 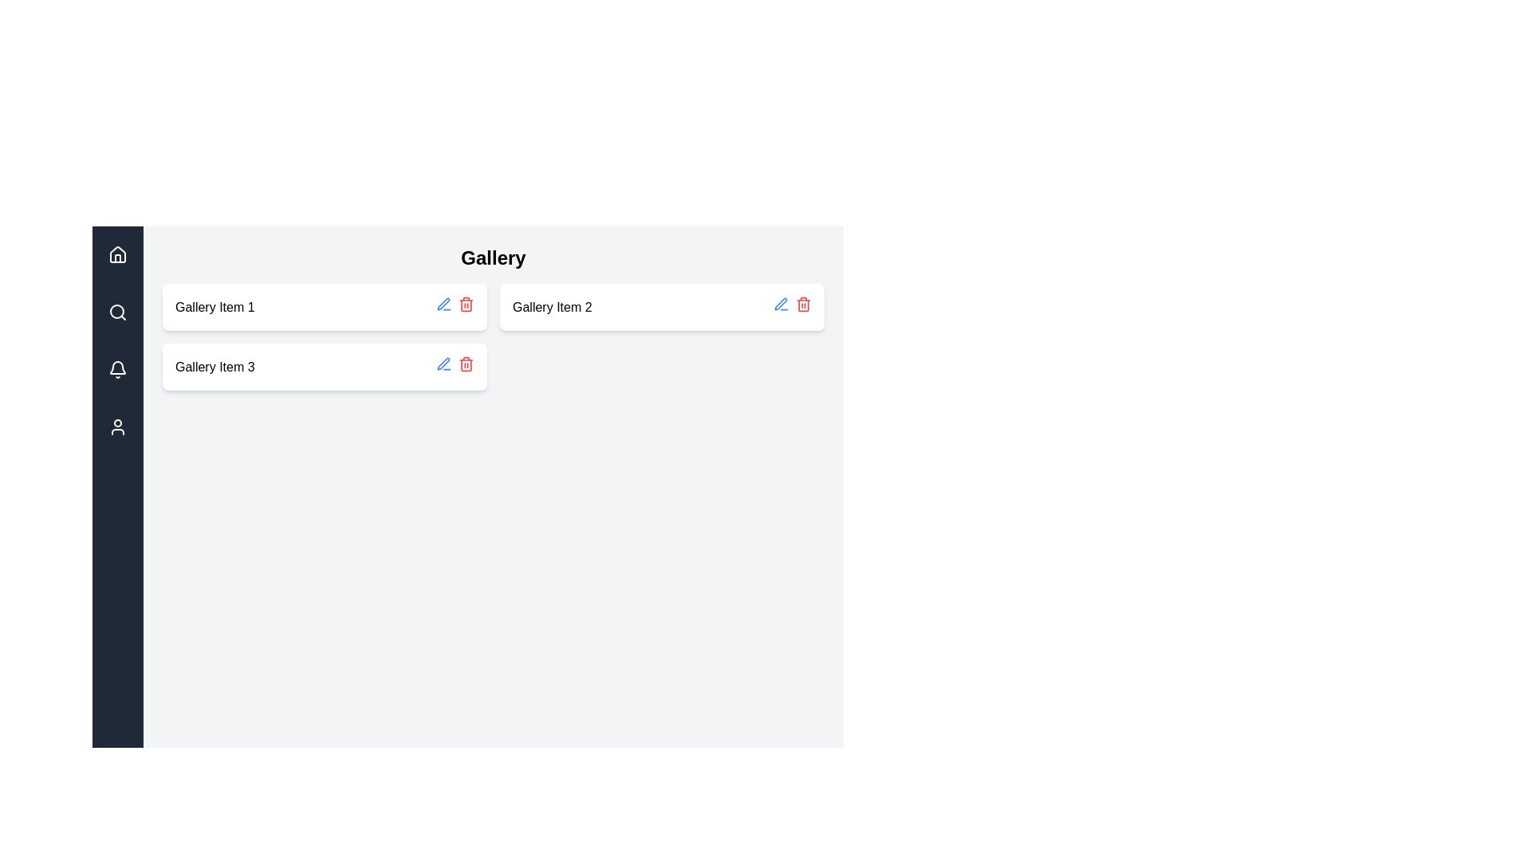 I want to click on the search button located in the sidebar, which is positioned below the home icon and above the bell icon, to initiate the search function, so click(x=117, y=313).